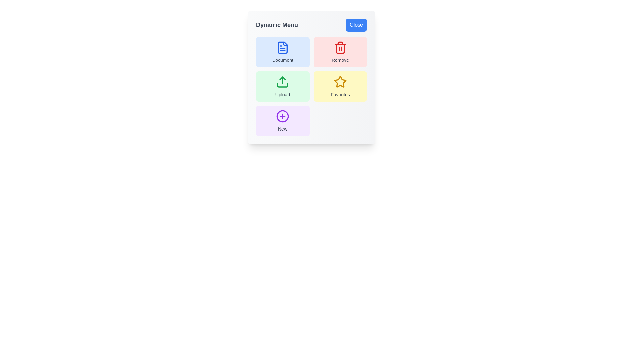 The height and width of the screenshot is (357, 635). I want to click on the Circular Icon labeled 'New' with a '+' symbol located in the bottom-left section of the grid layout, so click(282, 116).